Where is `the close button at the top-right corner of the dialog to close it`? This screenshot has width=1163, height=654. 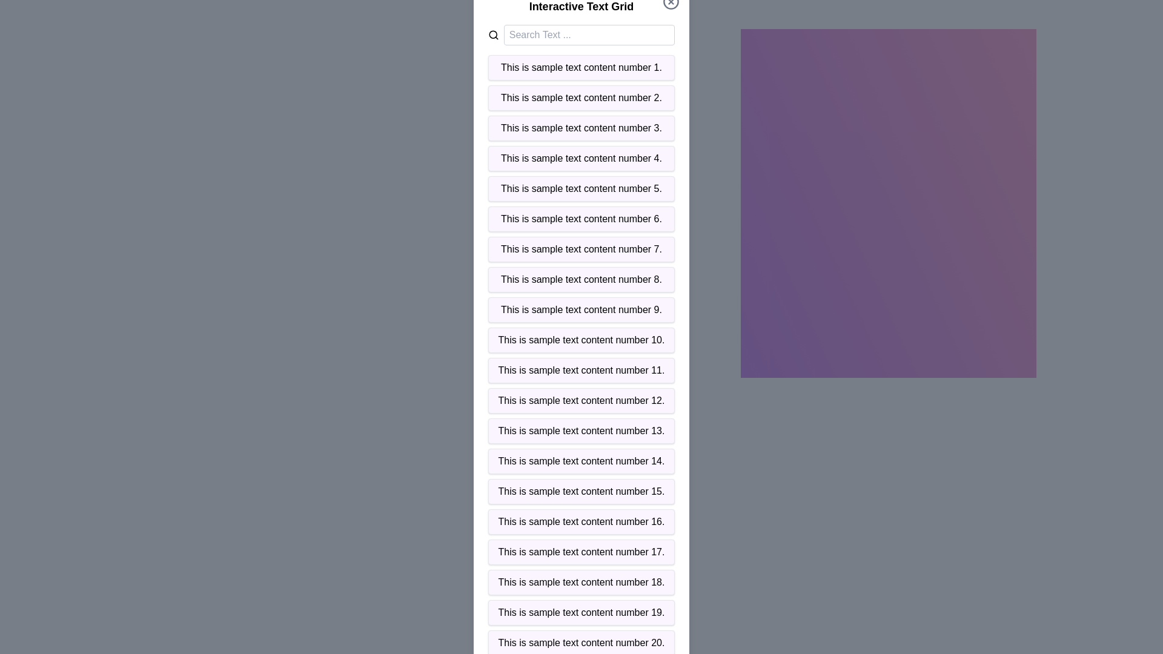 the close button at the top-right corner of the dialog to close it is located at coordinates (671, 2).